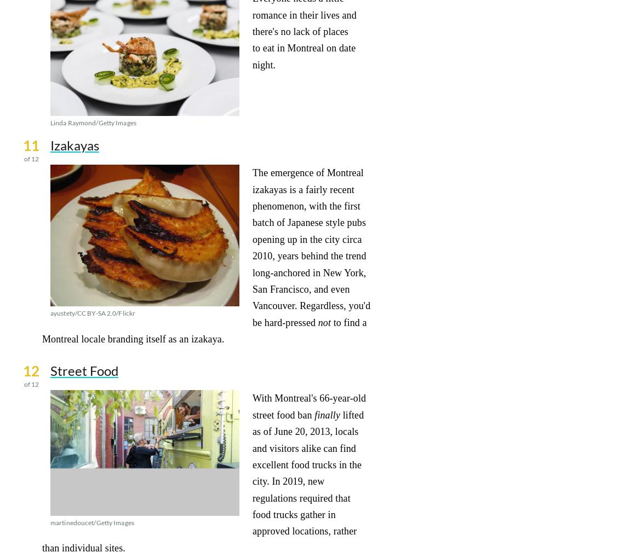  I want to click on 'finally', so click(327, 414).